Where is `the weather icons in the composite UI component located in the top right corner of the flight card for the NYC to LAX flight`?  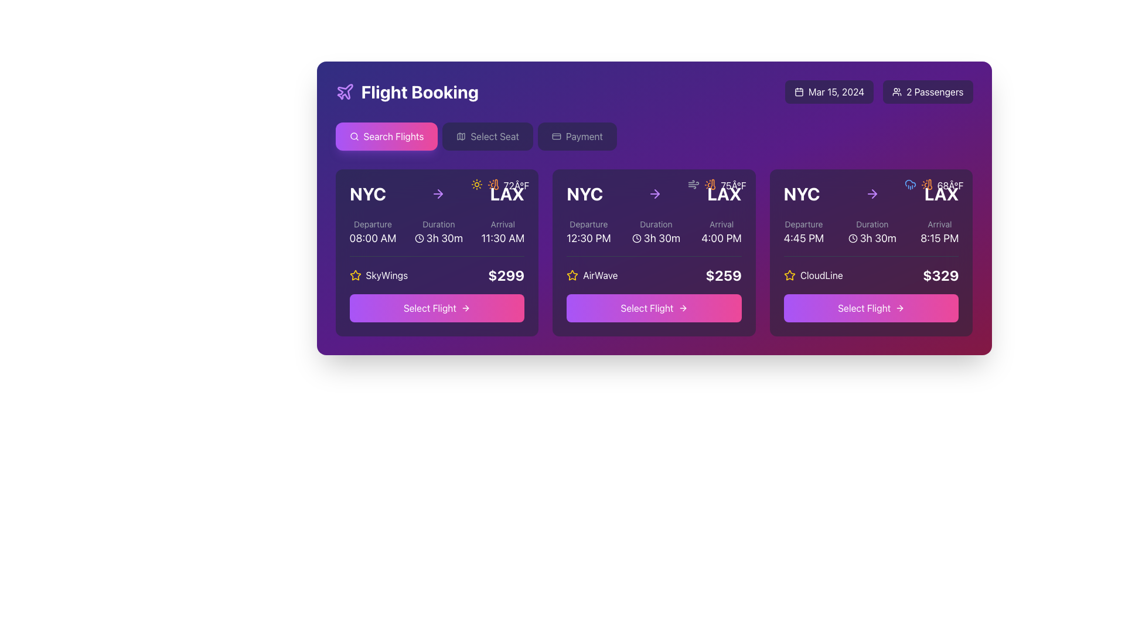
the weather icons in the composite UI component located in the top right corner of the flight card for the NYC to LAX flight is located at coordinates (933, 185).